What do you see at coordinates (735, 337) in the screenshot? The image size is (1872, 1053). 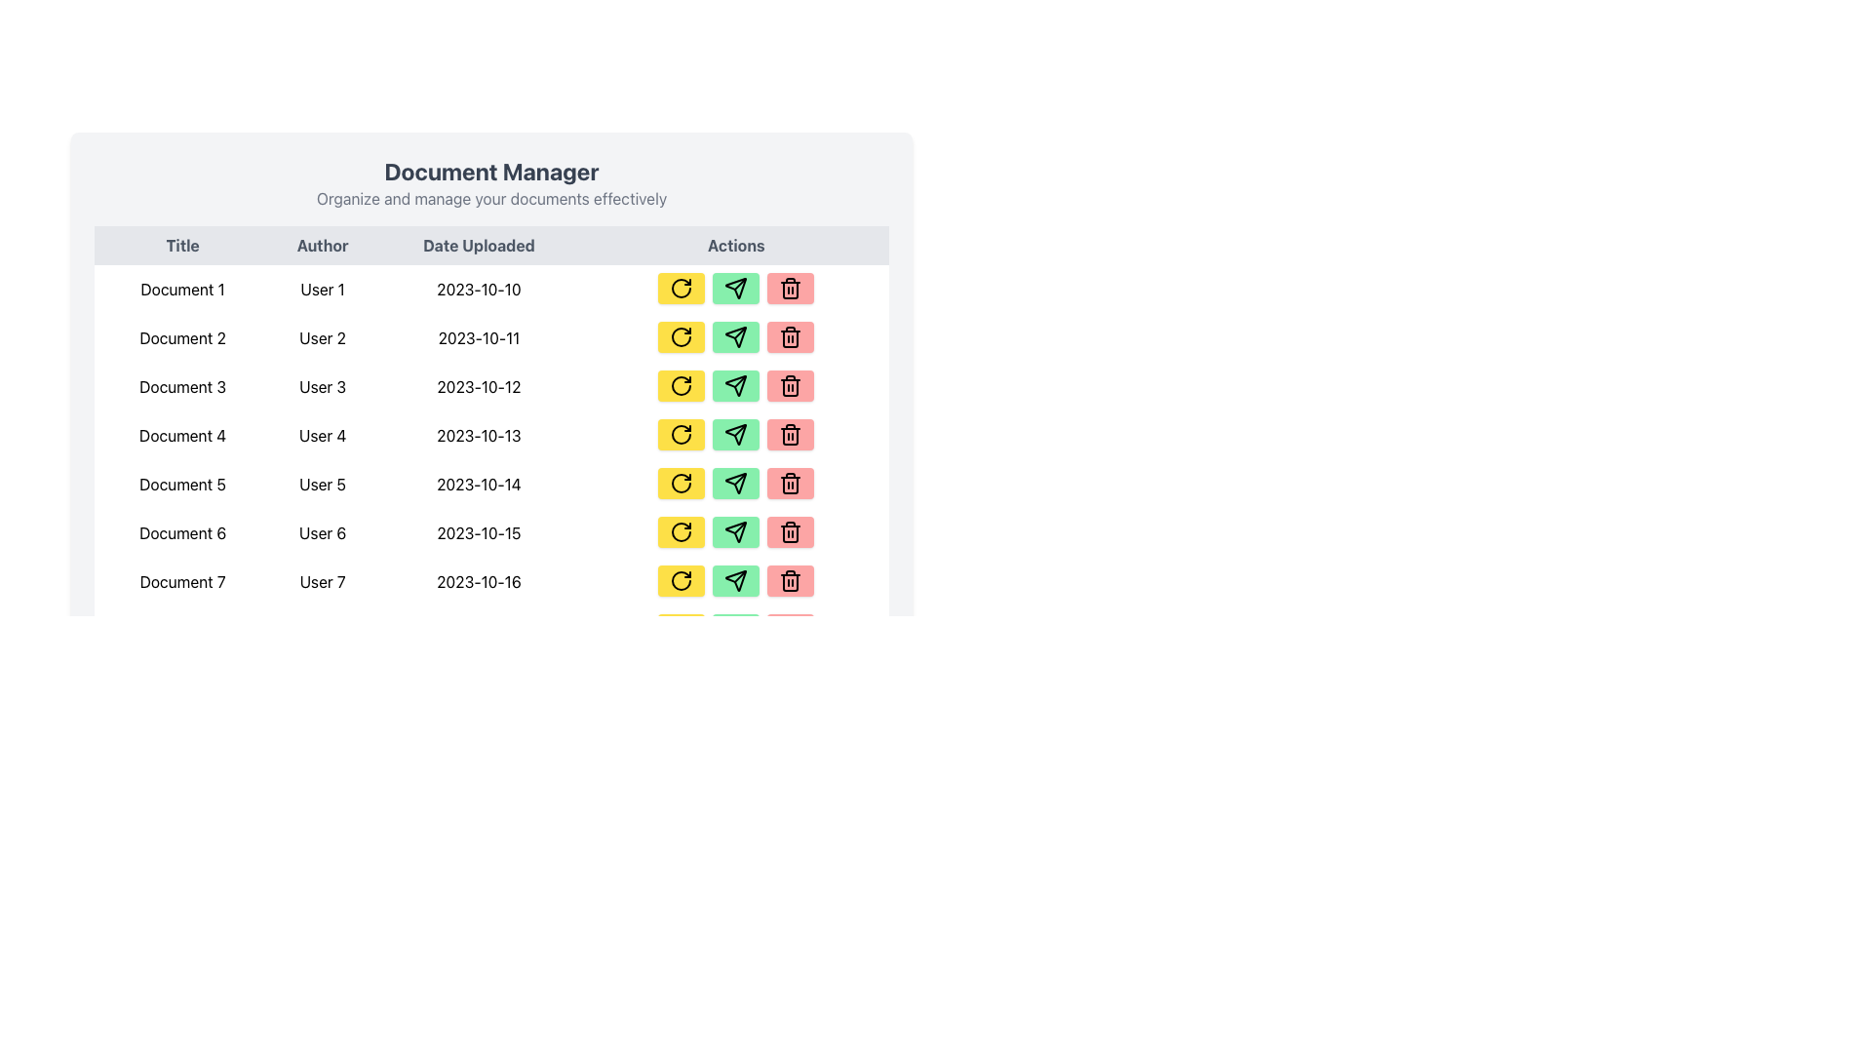 I see `the green 'Send' button, which has a rounded rectangle shape and a paper plane icon at its center, located in the 'Actions' column of the second row` at bounding box center [735, 337].